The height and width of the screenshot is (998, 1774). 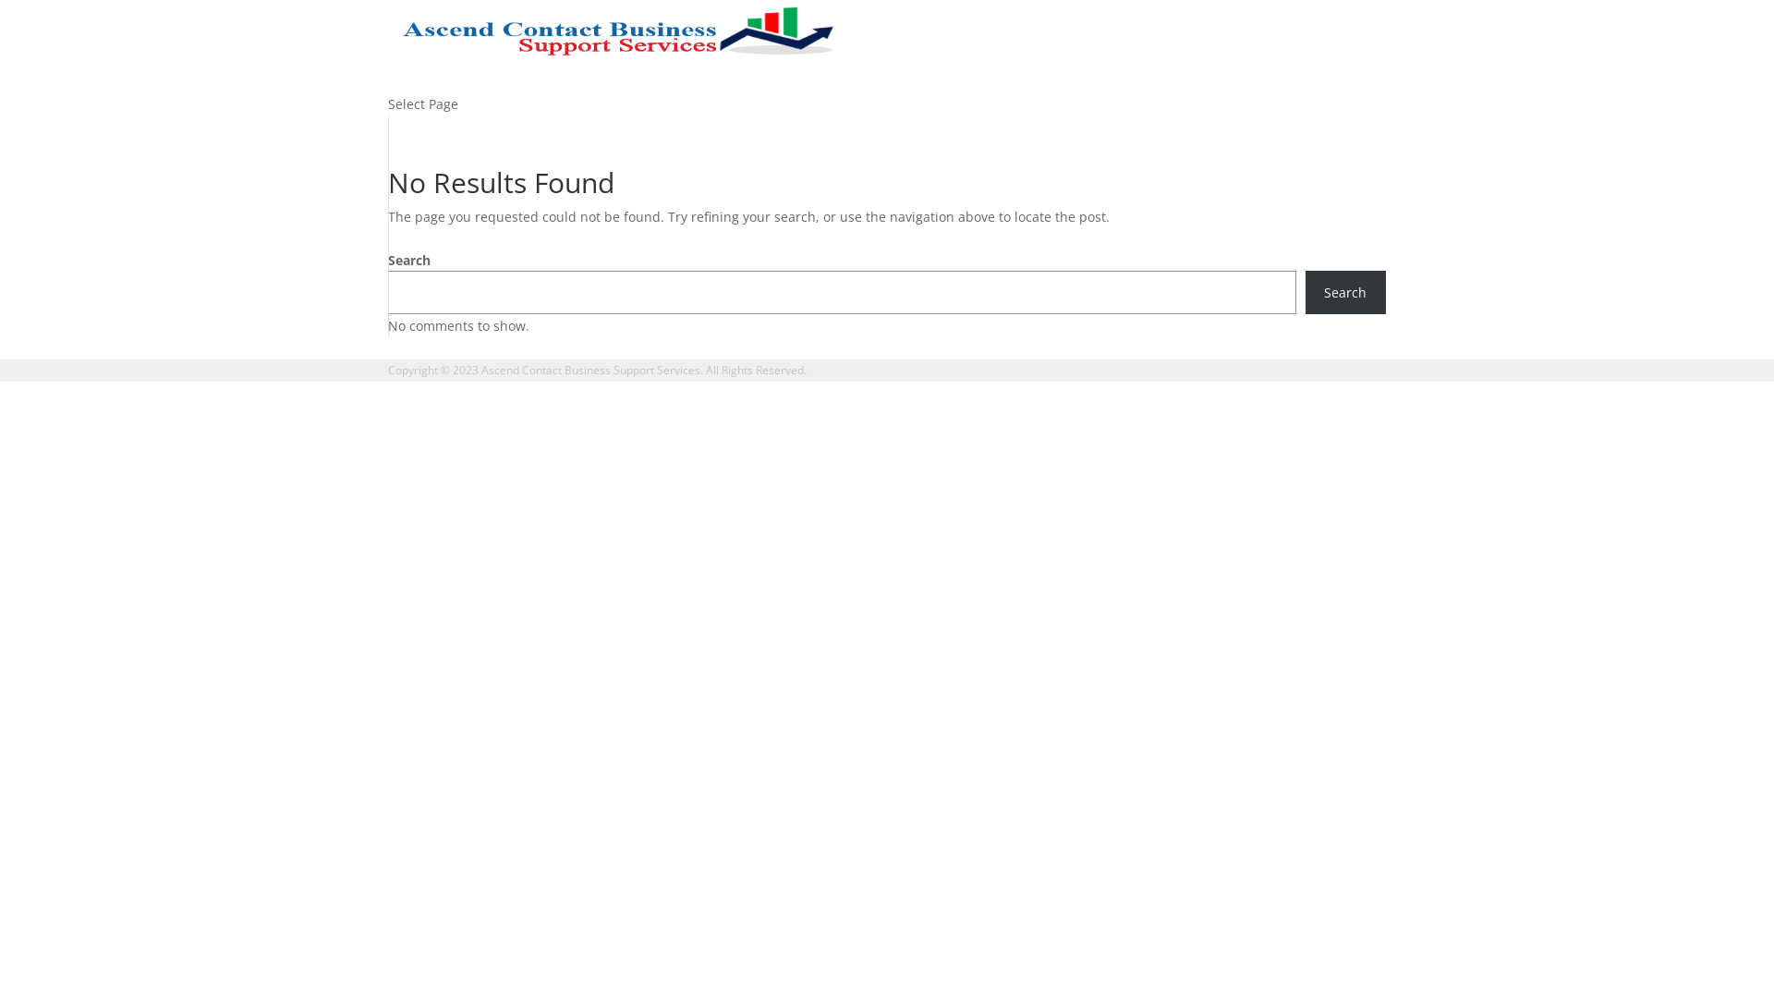 What do you see at coordinates (1345, 291) in the screenshot?
I see `'Search'` at bounding box center [1345, 291].